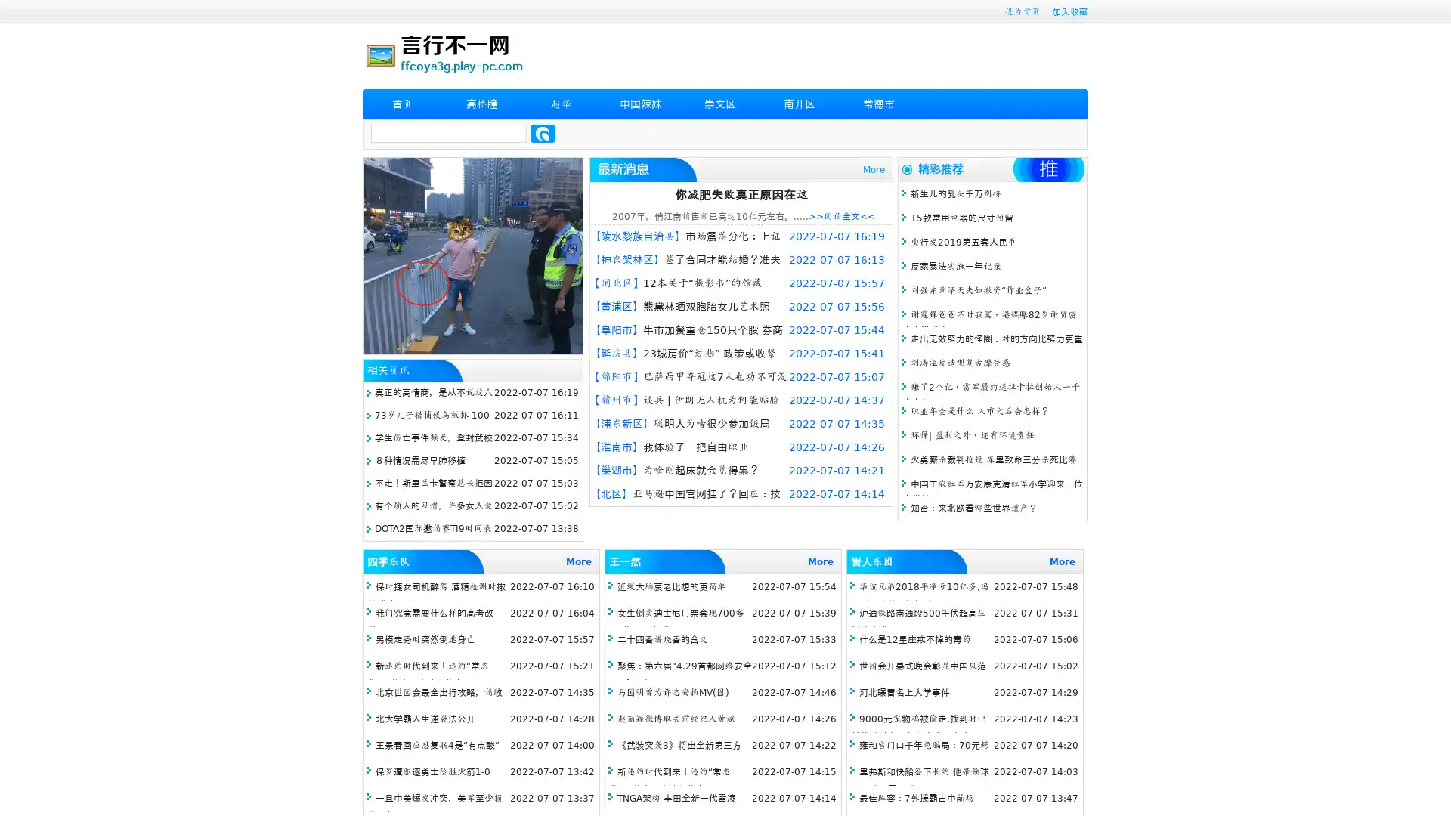 The height and width of the screenshot is (816, 1451). Describe the element at coordinates (543, 133) in the screenshot. I see `Search` at that location.